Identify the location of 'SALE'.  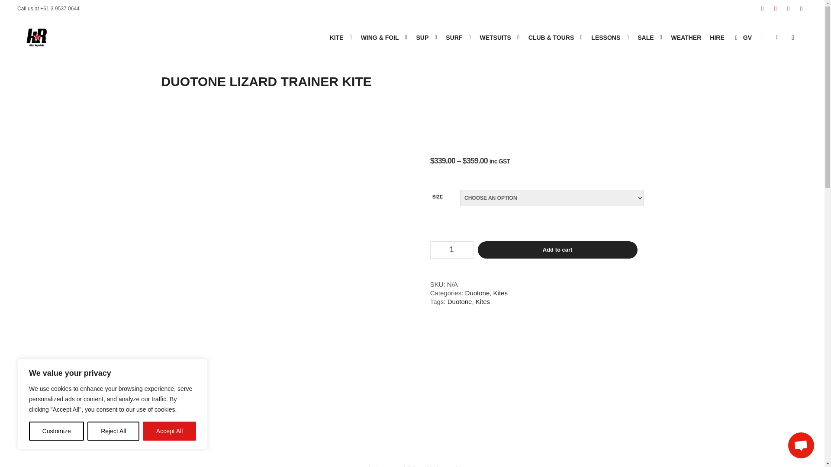
(644, 37).